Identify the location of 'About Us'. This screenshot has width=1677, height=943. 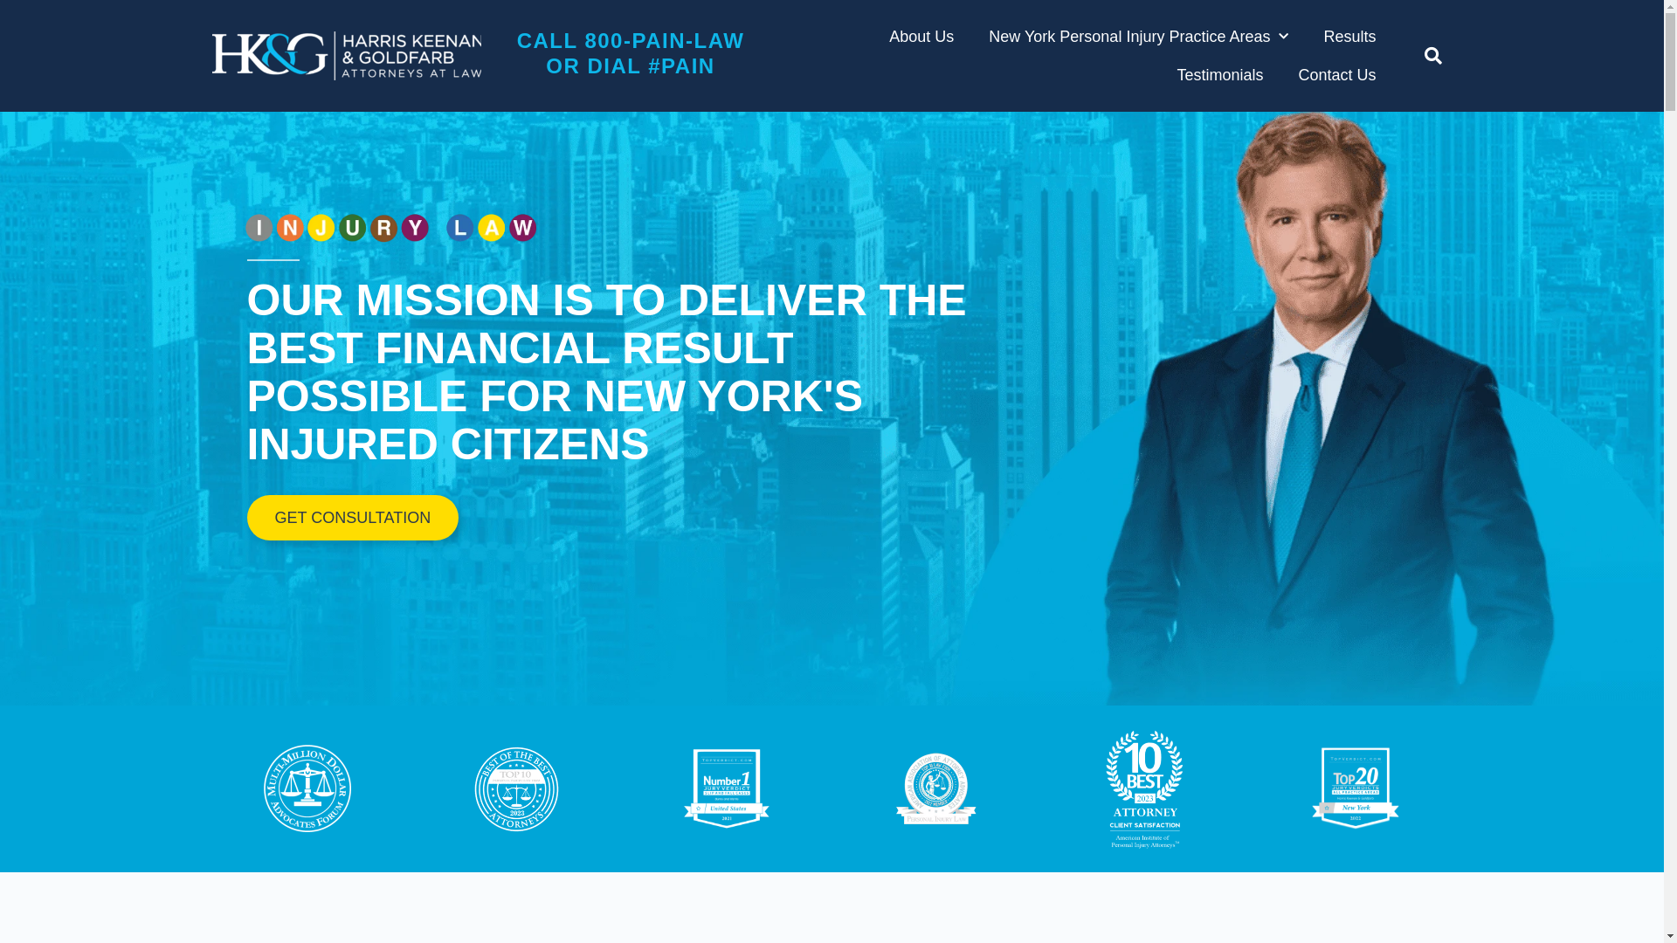
(921, 37).